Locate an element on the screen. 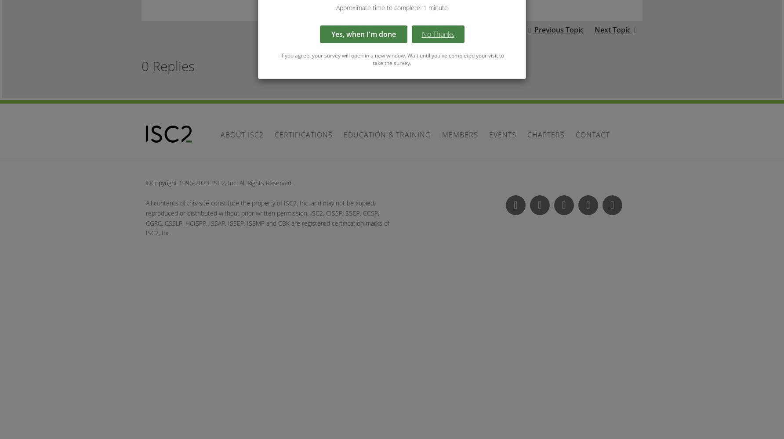  'If you agree, your survey will open in a new window. Wait until you've completed your visit to take the survey.' is located at coordinates (391, 59).